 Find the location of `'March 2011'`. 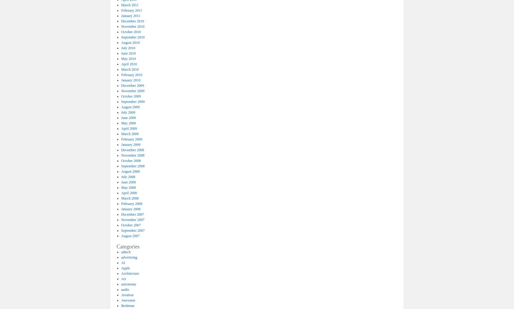

'March 2011' is located at coordinates (129, 4).